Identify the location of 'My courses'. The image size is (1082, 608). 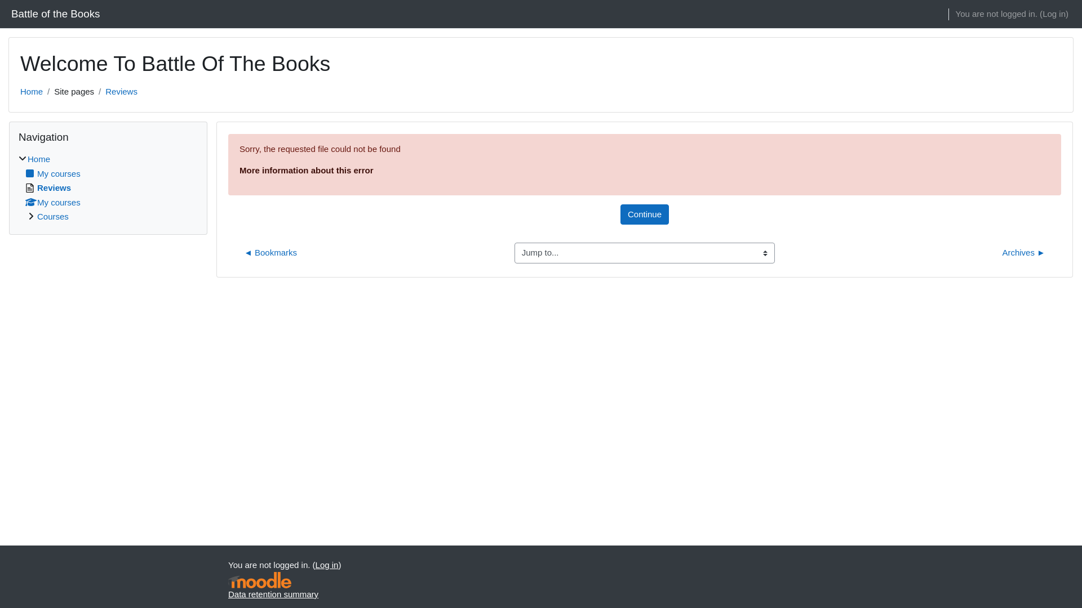
(52, 201).